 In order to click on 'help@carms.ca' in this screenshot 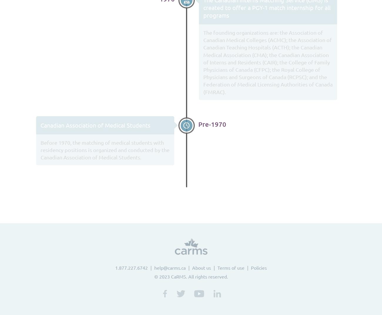, I will do `click(170, 268)`.